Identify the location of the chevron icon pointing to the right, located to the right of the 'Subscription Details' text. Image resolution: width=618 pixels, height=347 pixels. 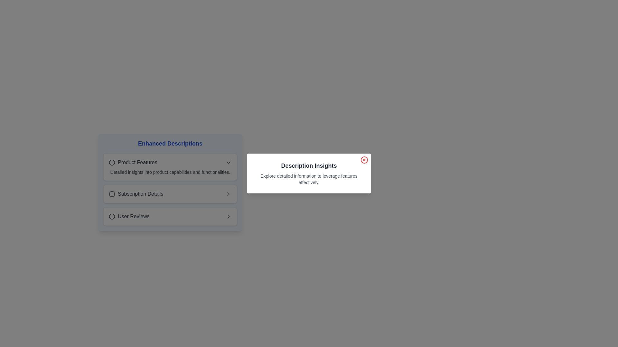
(229, 194).